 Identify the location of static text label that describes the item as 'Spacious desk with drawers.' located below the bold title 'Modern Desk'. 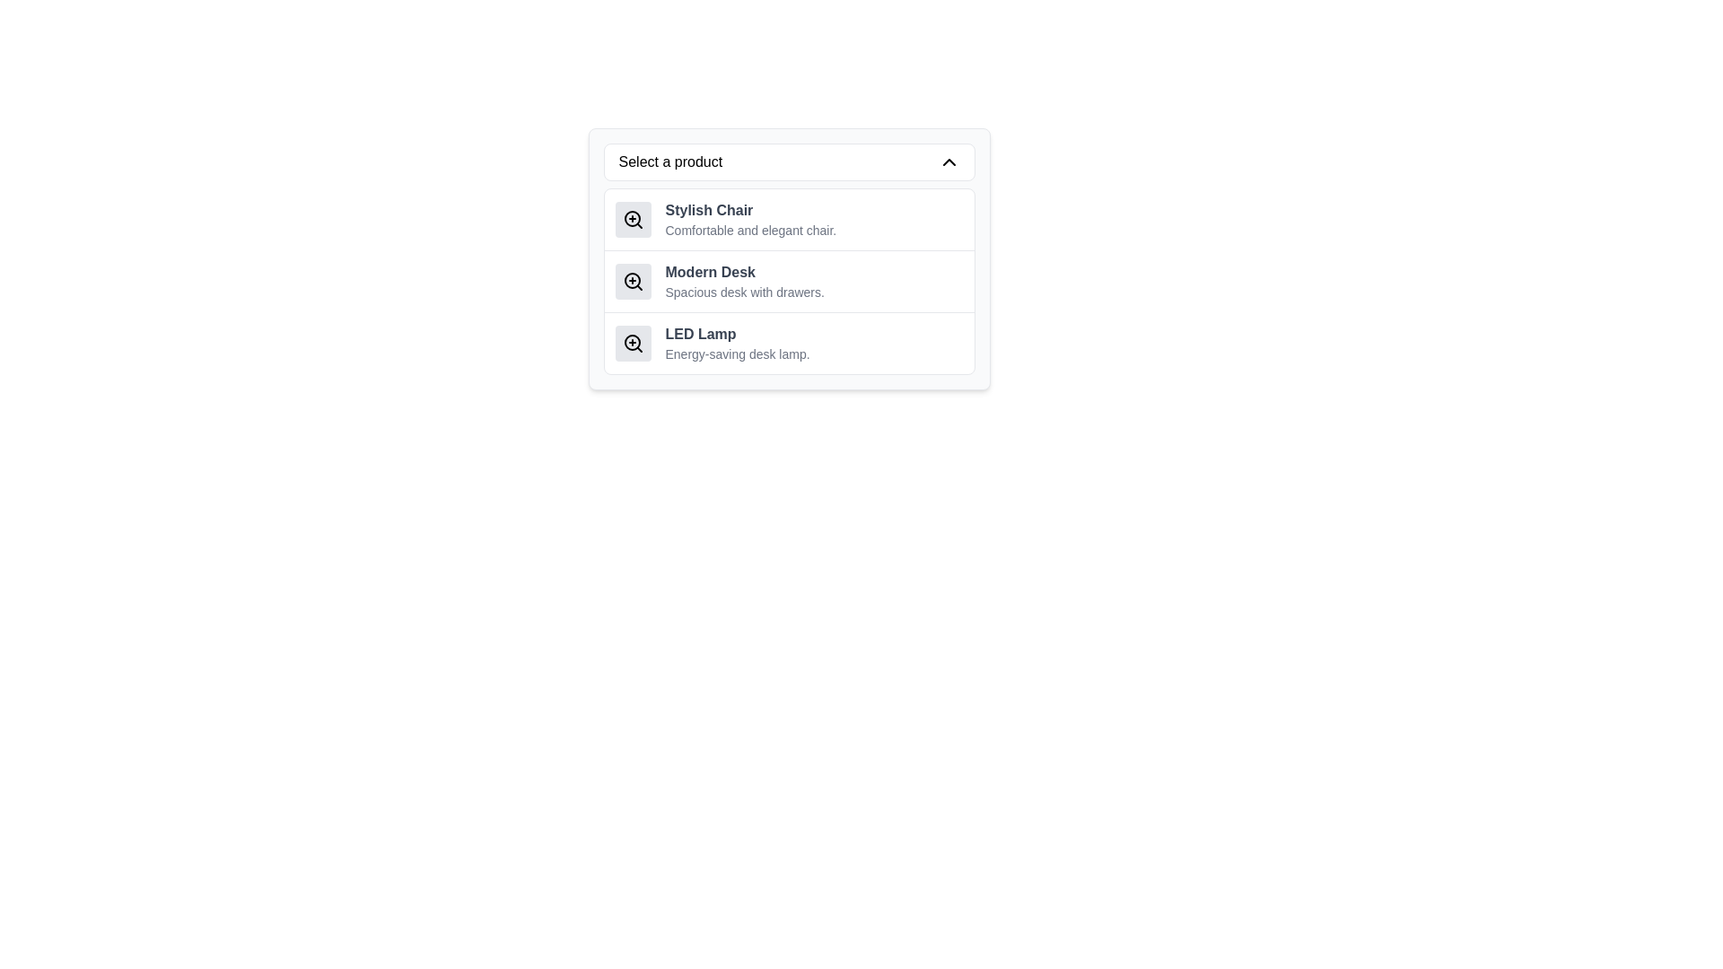
(745, 292).